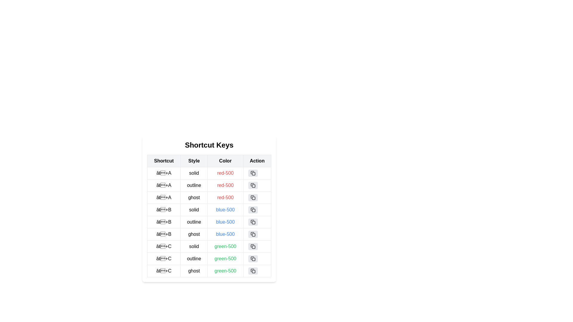  I want to click on the text-based label displaying the keyboard shortcut '⌘+B' in the 'Shortcut' column of the table, specifically within the row titled 'ghost blue-500', so click(164, 234).